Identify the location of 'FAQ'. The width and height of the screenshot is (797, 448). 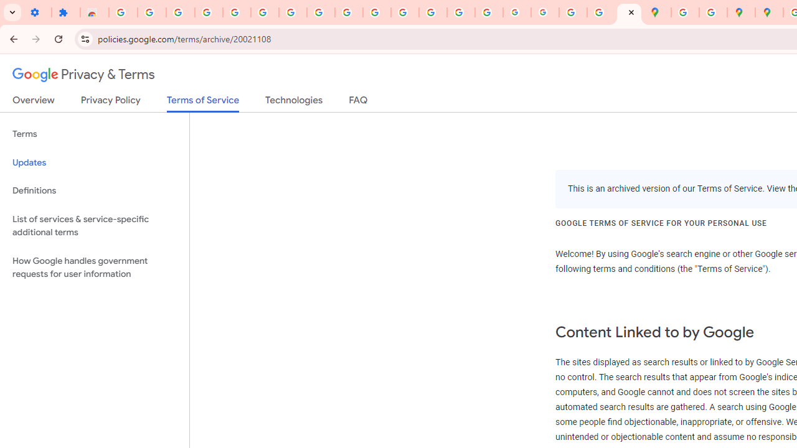
(358, 102).